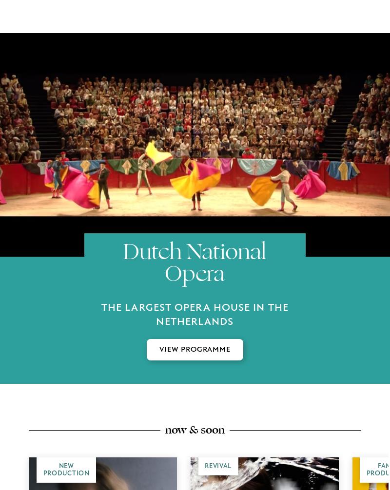 Image resolution: width=390 pixels, height=490 pixels. Describe the element at coordinates (195, 166) in the screenshot. I see `'Always know what’s on'` at that location.